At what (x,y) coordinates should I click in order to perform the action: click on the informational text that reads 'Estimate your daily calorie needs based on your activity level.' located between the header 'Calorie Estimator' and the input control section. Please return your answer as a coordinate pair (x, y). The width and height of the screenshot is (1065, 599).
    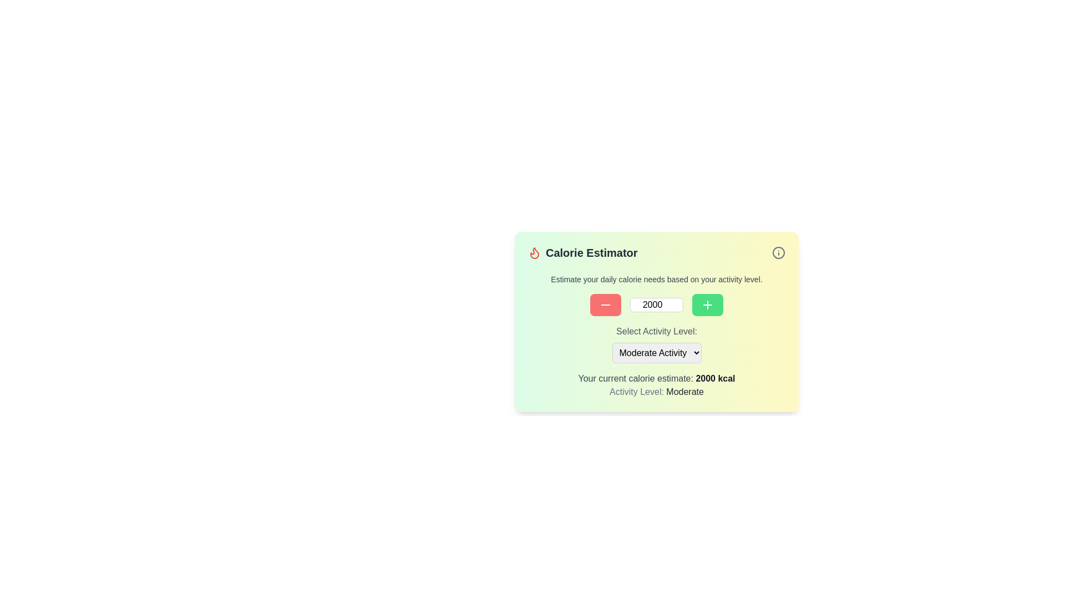
    Looking at the image, I should click on (657, 279).